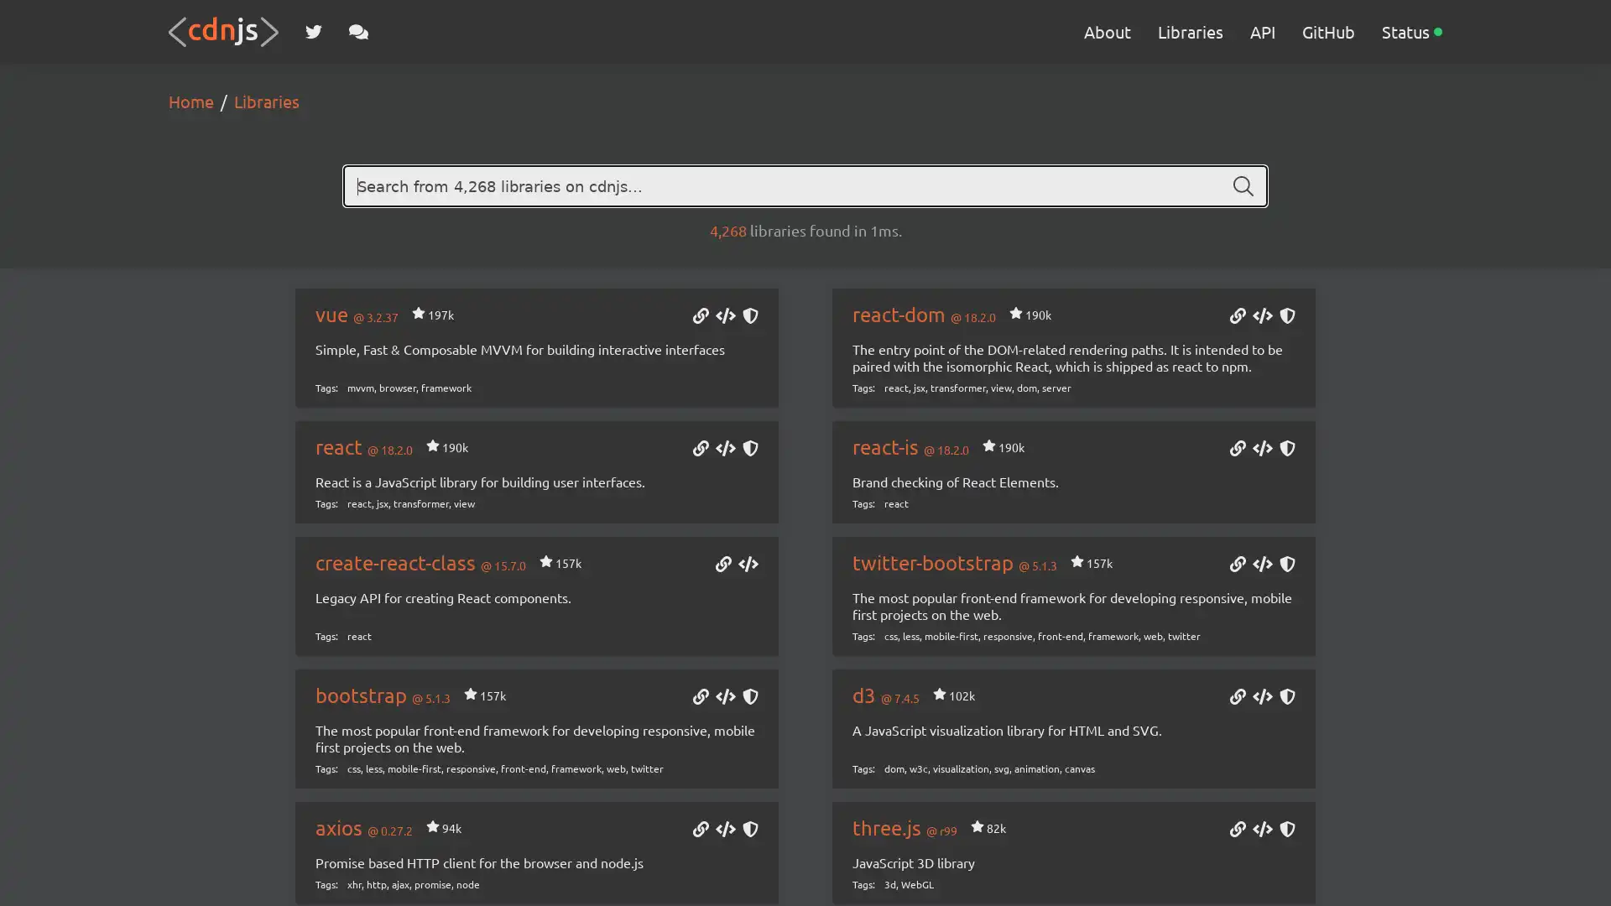 The width and height of the screenshot is (1611, 906). What do you see at coordinates (725, 317) in the screenshot?
I see `Copy Script Tag` at bounding box center [725, 317].